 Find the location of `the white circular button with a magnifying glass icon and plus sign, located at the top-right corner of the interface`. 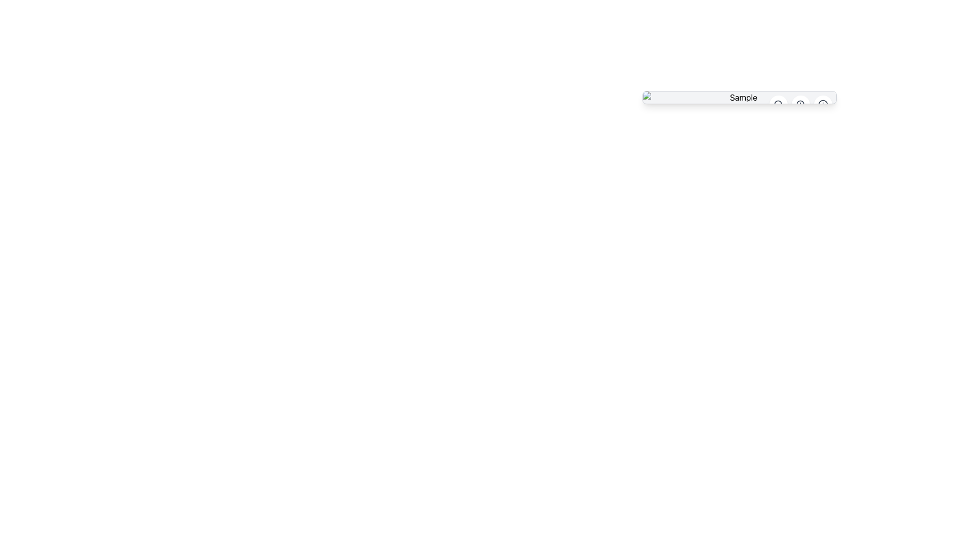

the white circular button with a magnifying glass icon and plus sign, located at the top-right corner of the interface is located at coordinates (800, 105).